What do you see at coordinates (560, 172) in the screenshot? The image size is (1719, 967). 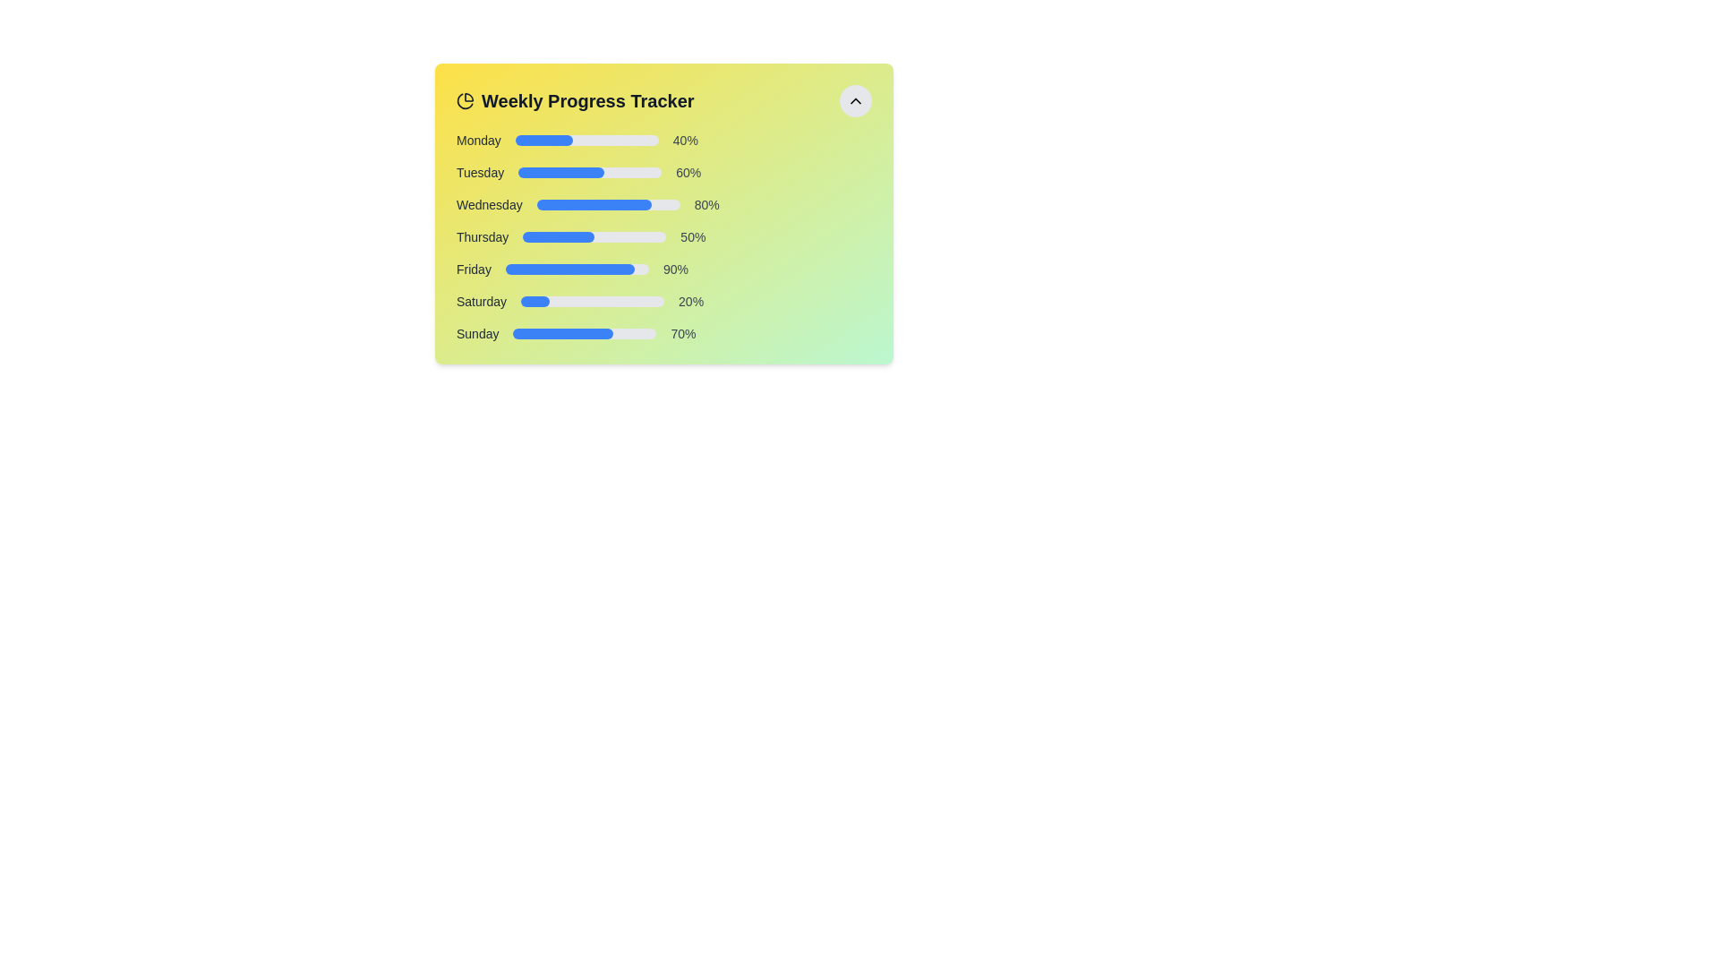 I see `the filled portion of the progress bar for 'Tuesday', which is a blue horizontal bar with rounded ends located in the progress tracker interface` at bounding box center [560, 172].